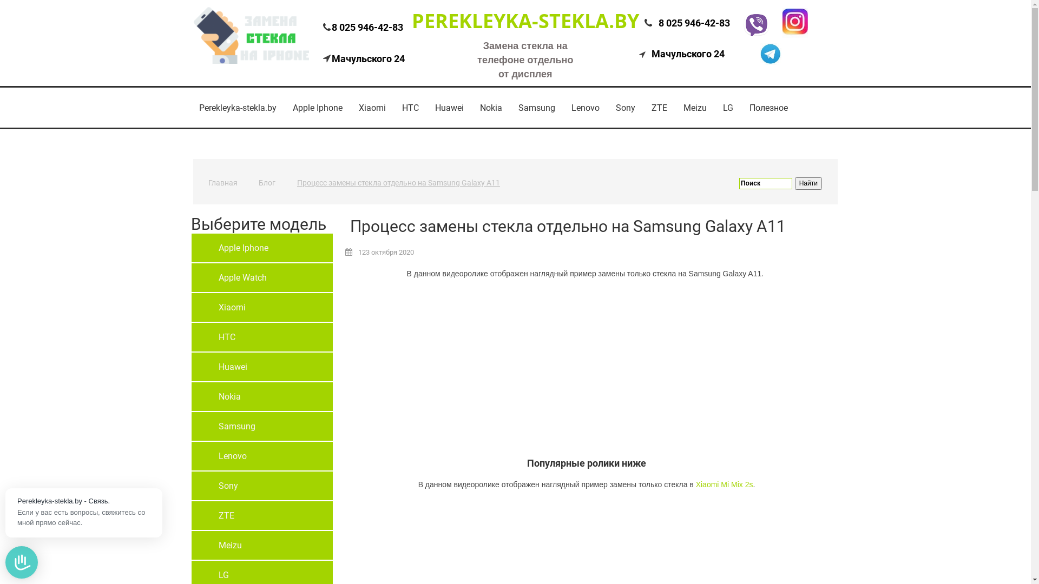 The image size is (1039, 584). Describe the element at coordinates (393, 108) in the screenshot. I see `'HTC'` at that location.